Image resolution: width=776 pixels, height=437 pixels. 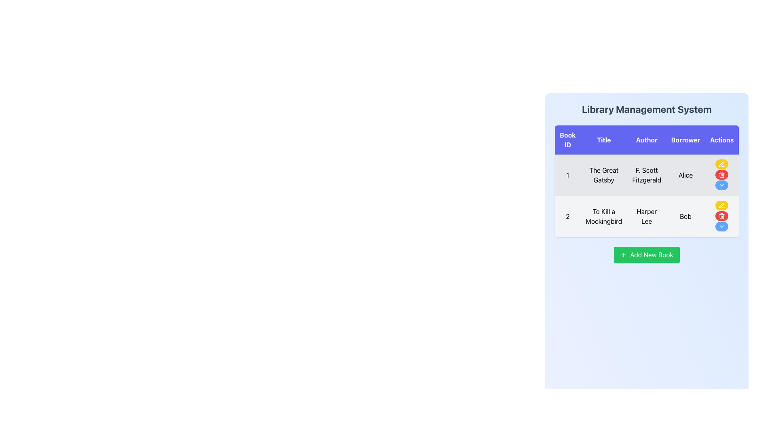 I want to click on the red button with white text and a trash can icon located in the 'Actions' column of the second row, so click(x=722, y=215).